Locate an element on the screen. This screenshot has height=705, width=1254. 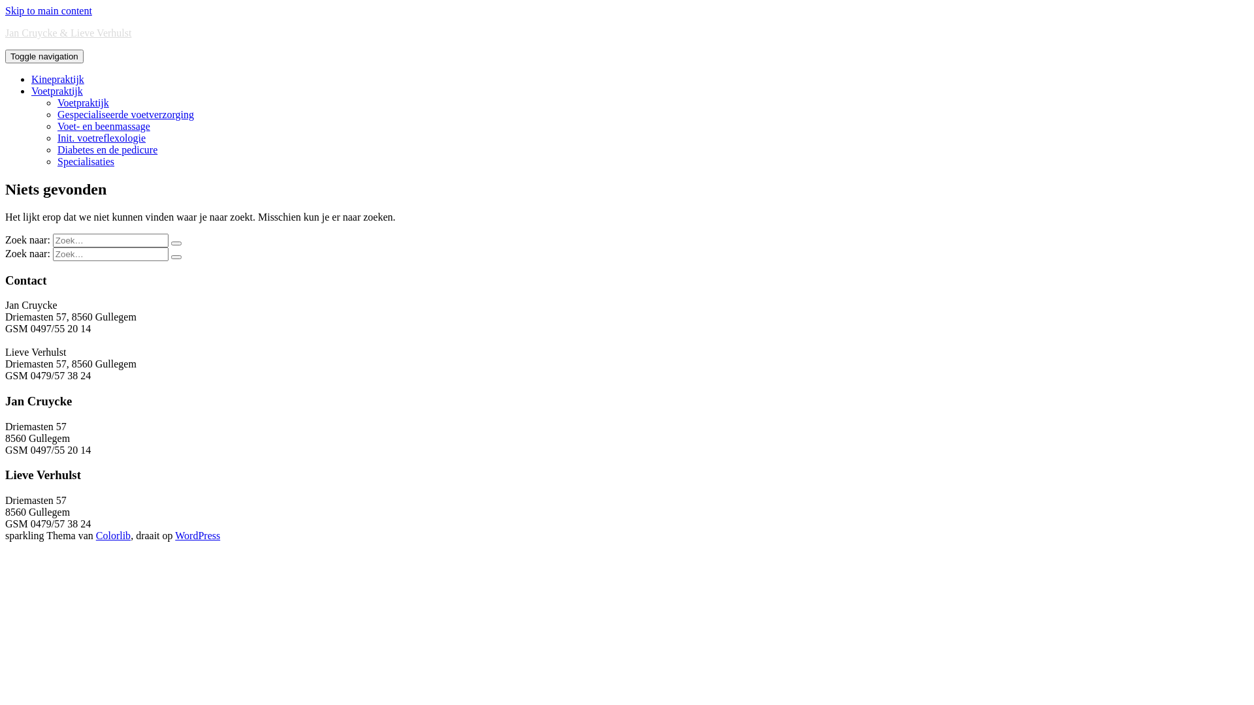
'Skip to main content' is located at coordinates (48, 10).